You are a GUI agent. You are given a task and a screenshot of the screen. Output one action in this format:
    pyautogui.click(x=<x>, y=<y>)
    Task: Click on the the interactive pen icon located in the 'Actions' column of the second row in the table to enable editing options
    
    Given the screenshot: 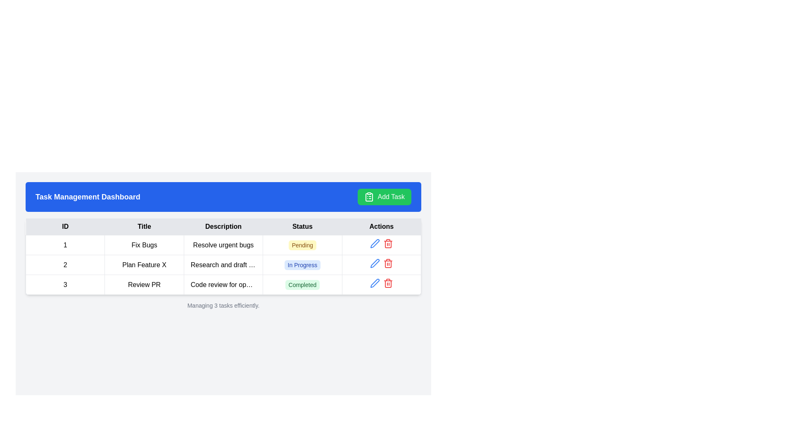 What is the action you would take?
    pyautogui.click(x=374, y=243)
    